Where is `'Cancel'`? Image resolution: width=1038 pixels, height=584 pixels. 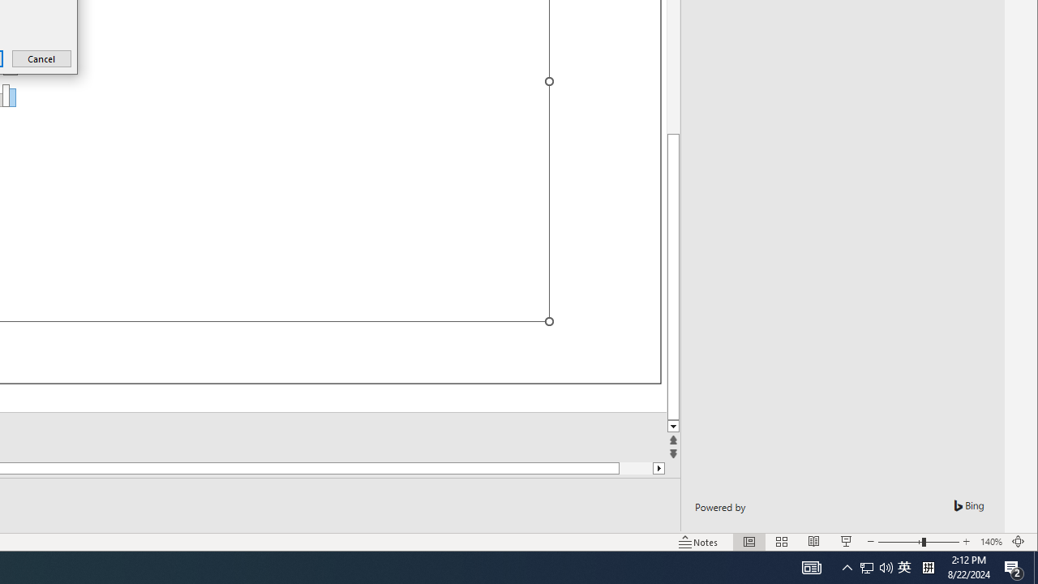
'Cancel' is located at coordinates (41, 58).